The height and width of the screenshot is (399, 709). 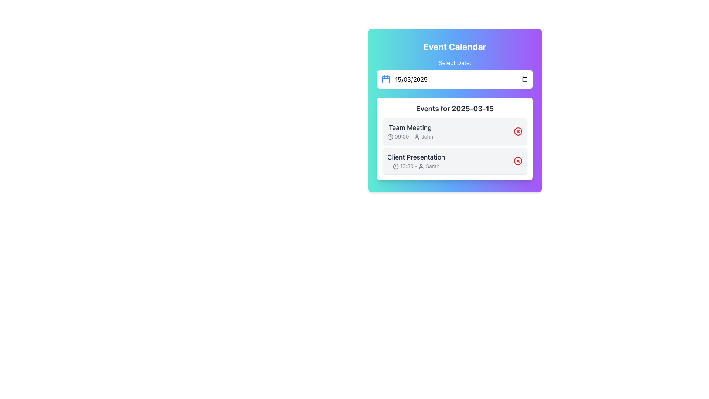 I want to click on scheduled time ('13:30') and participant name ('Sarah') displayed in the event calendar under the 'Client Presentation' header, so click(x=416, y=166).